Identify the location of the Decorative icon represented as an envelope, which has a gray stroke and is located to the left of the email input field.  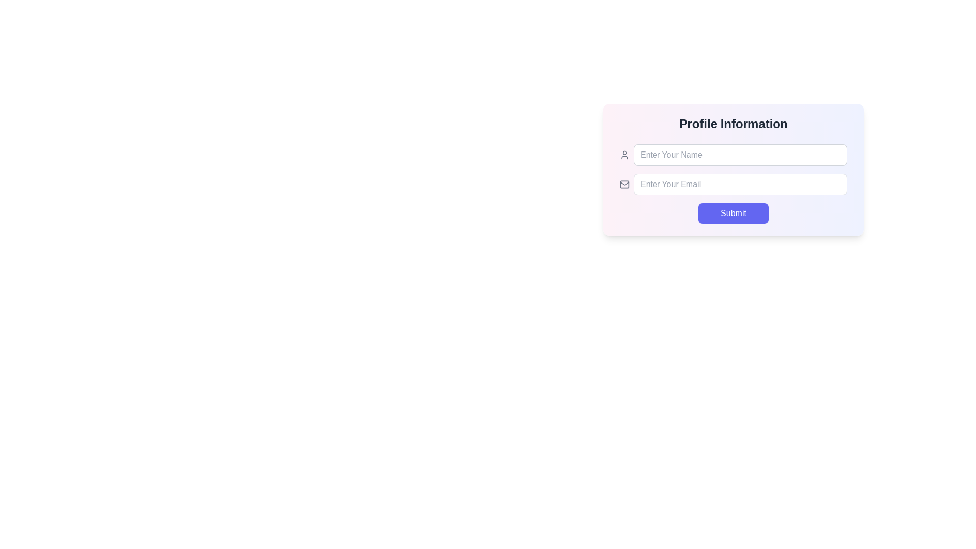
(624, 184).